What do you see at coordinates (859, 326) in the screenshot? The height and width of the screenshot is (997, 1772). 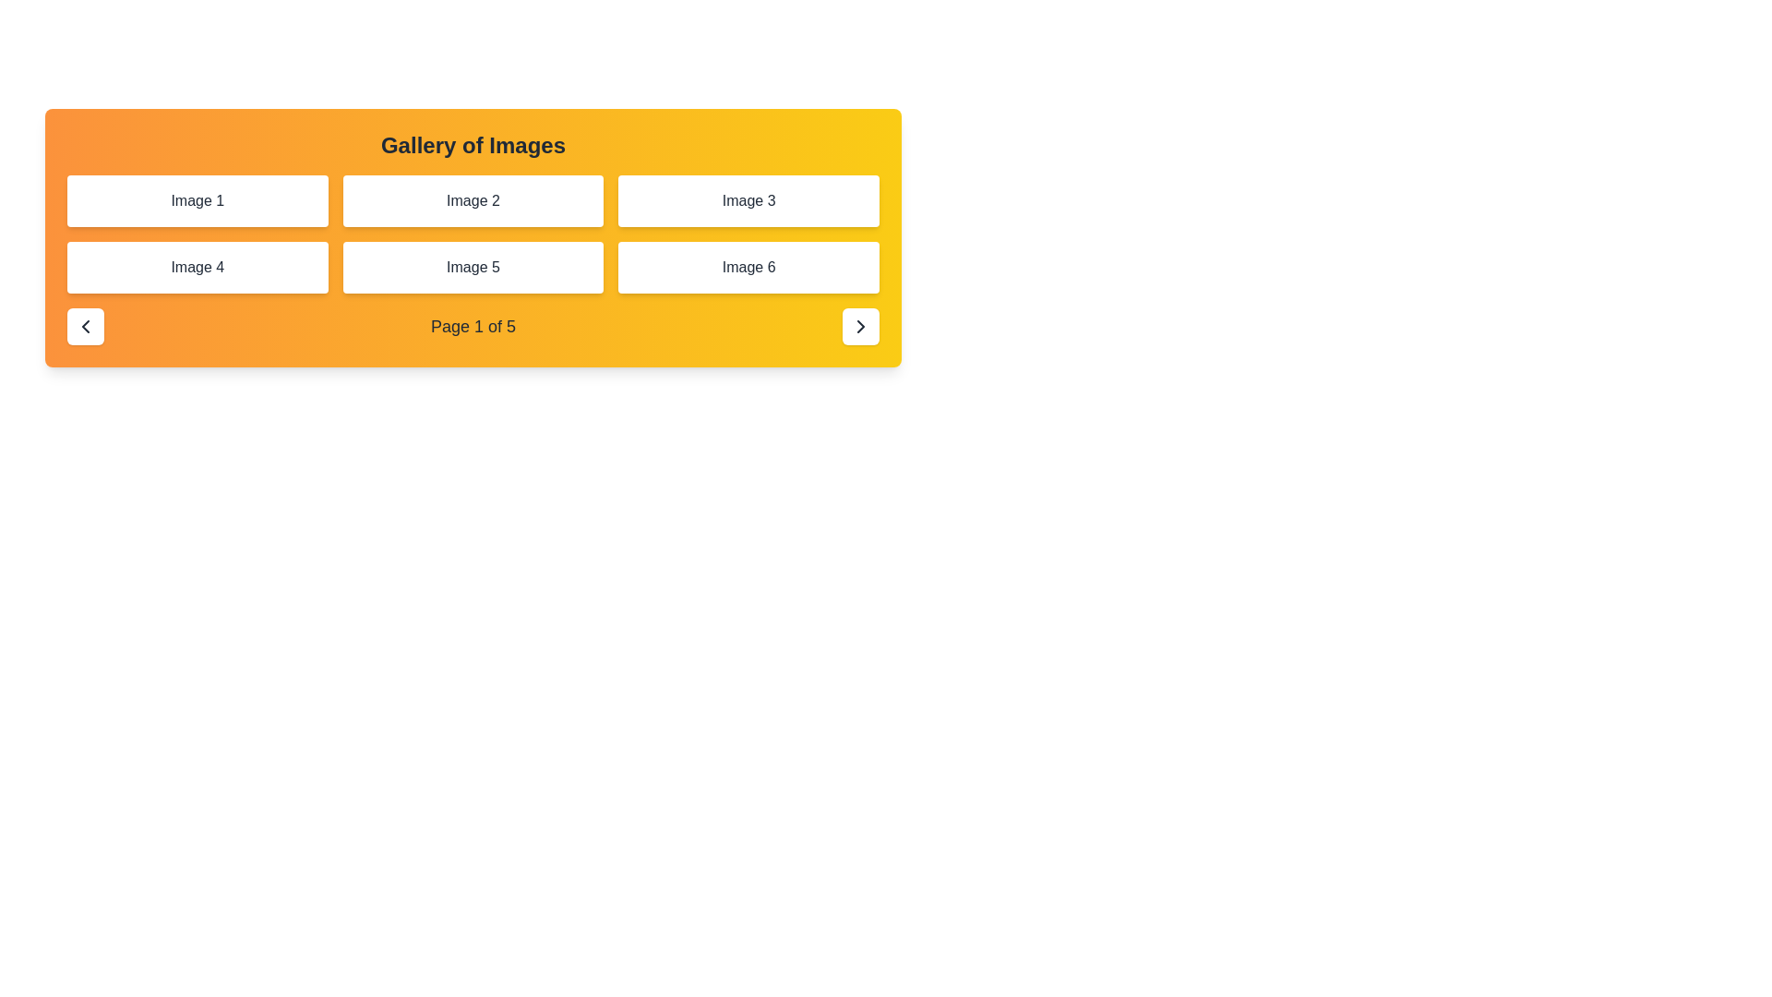 I see `the chevron-right icon located in the bottom-right corner of the gallery interface` at bounding box center [859, 326].